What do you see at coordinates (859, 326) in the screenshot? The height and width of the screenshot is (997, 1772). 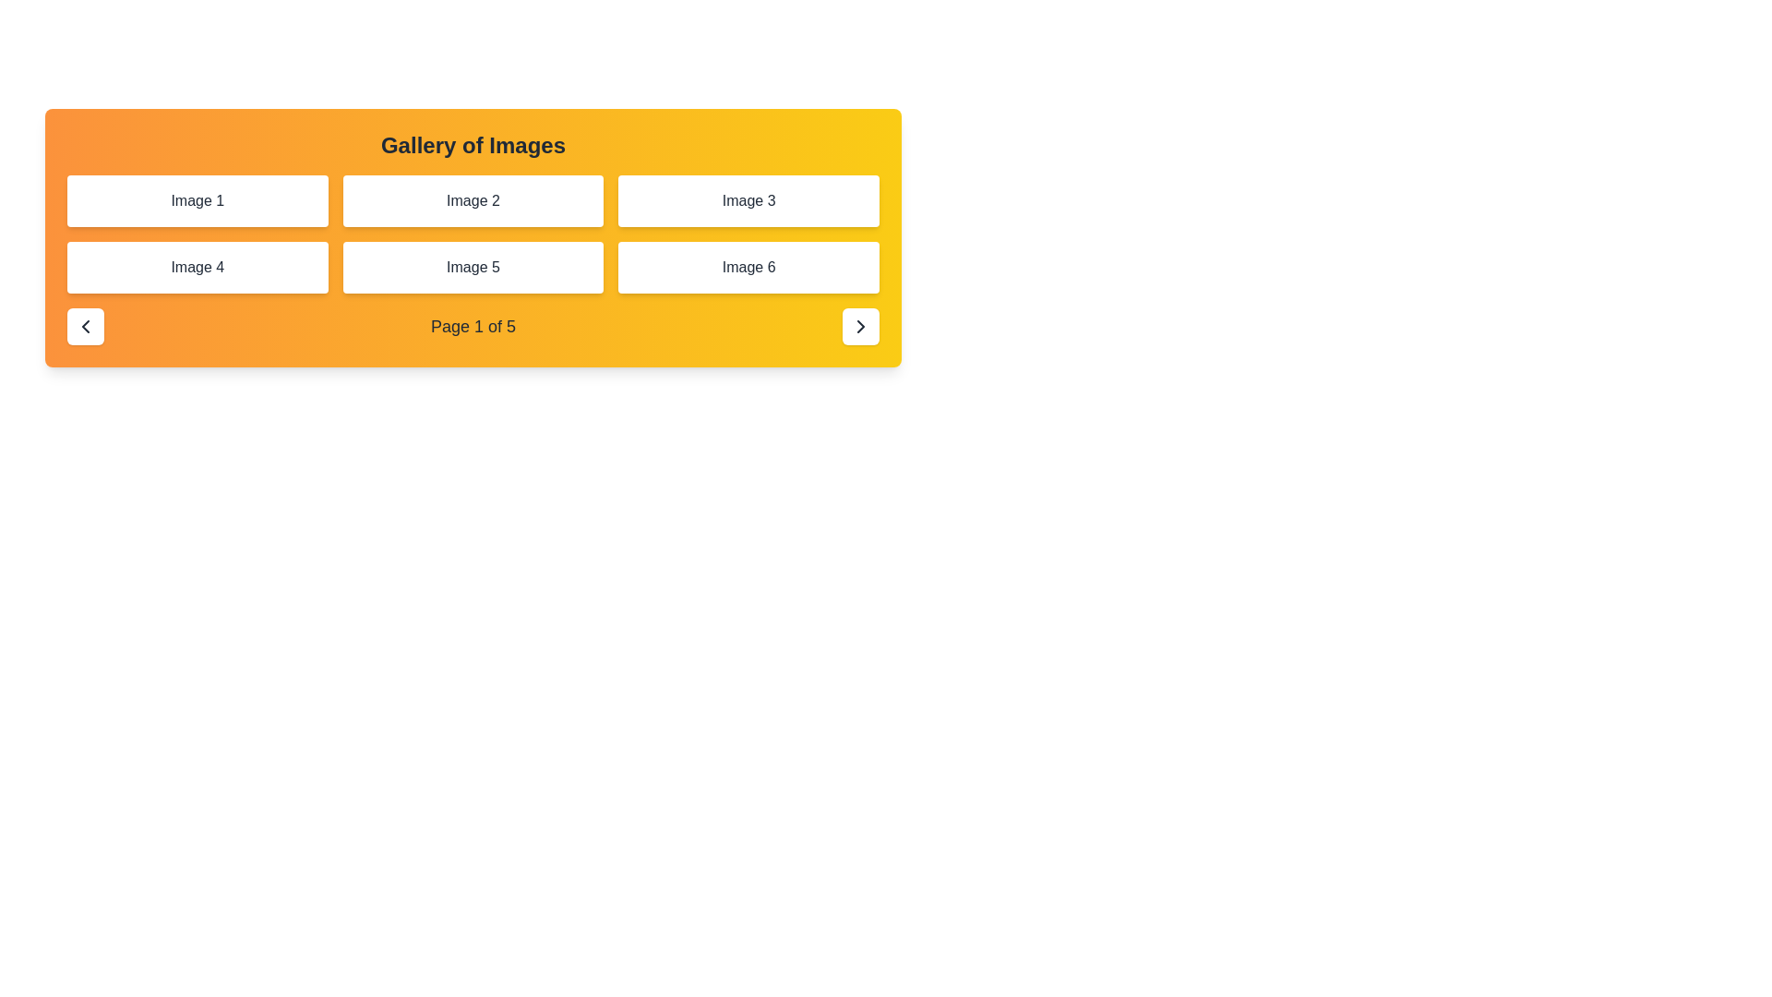 I see `the chevron-right icon located in the bottom-right corner of the gallery interface` at bounding box center [859, 326].